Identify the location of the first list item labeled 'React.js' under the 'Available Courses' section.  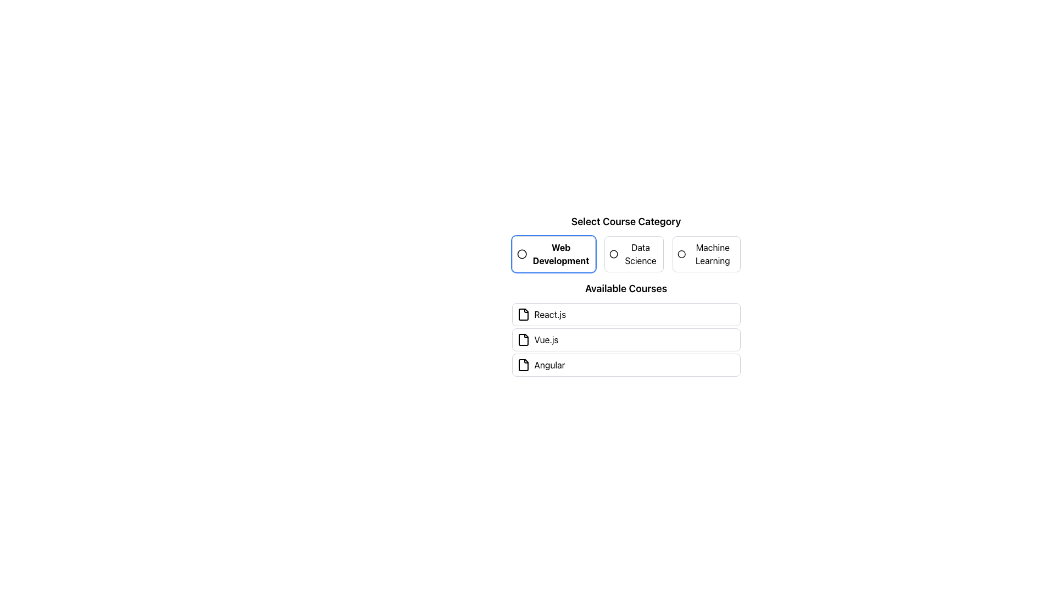
(626, 315).